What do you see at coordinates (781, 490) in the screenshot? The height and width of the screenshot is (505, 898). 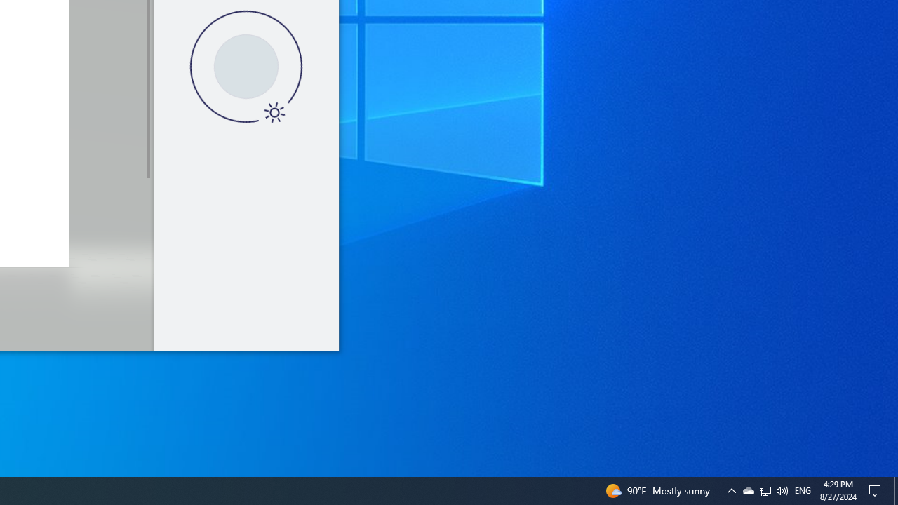 I see `'Q2790: 100%'` at bounding box center [781, 490].